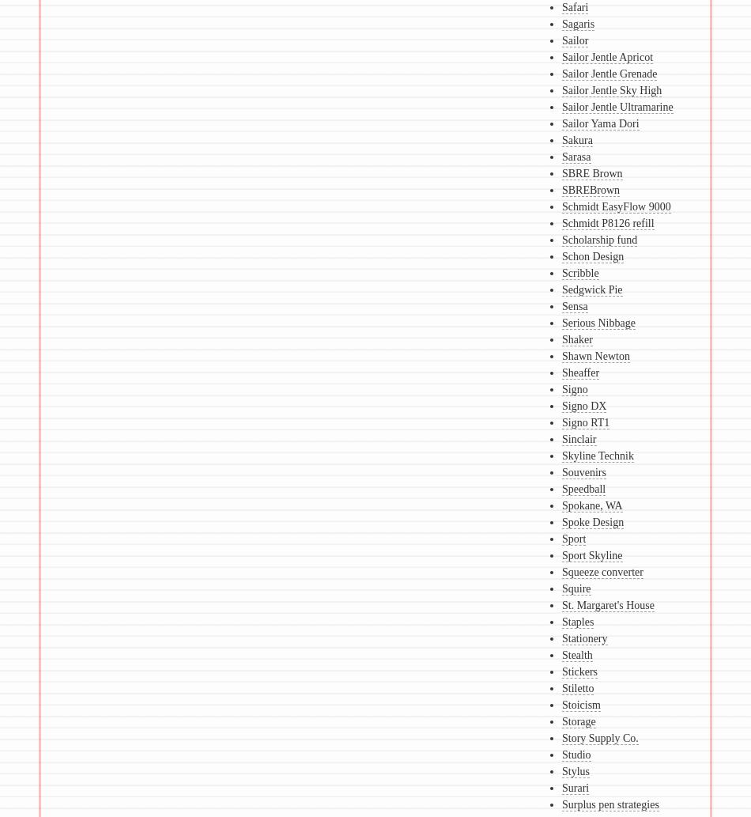 The image size is (751, 817). I want to click on 'Shaker', so click(576, 339).